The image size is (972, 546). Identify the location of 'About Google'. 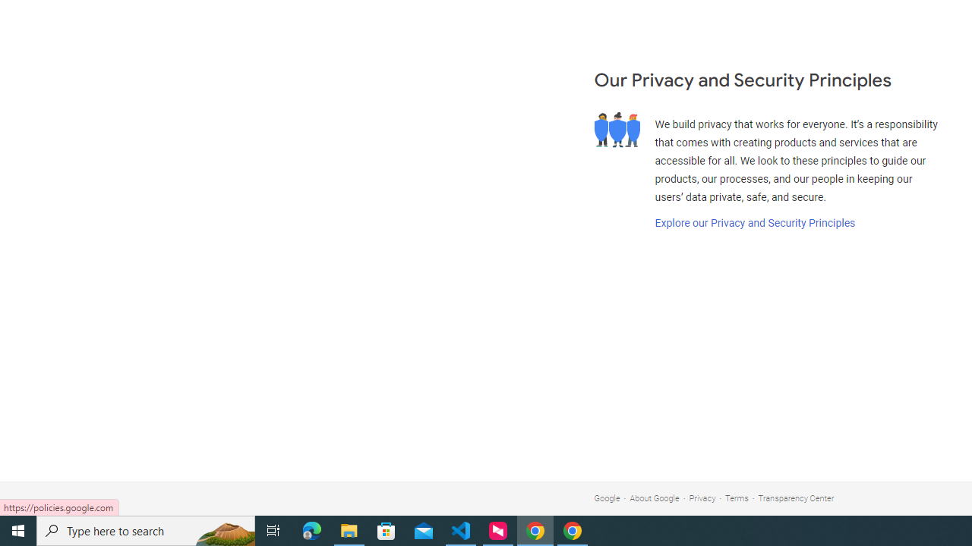
(655, 498).